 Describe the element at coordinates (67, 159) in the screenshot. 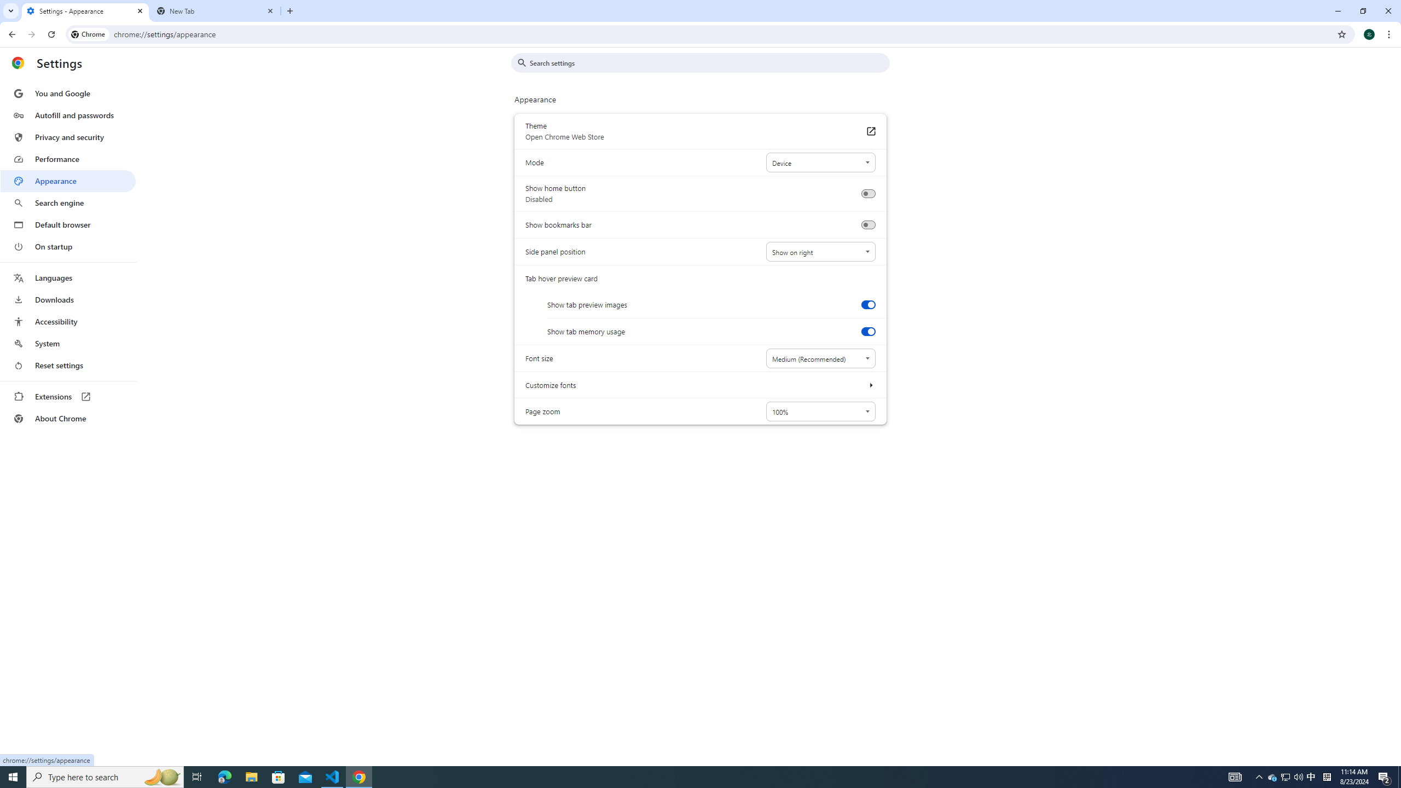

I see `'Performance'` at that location.